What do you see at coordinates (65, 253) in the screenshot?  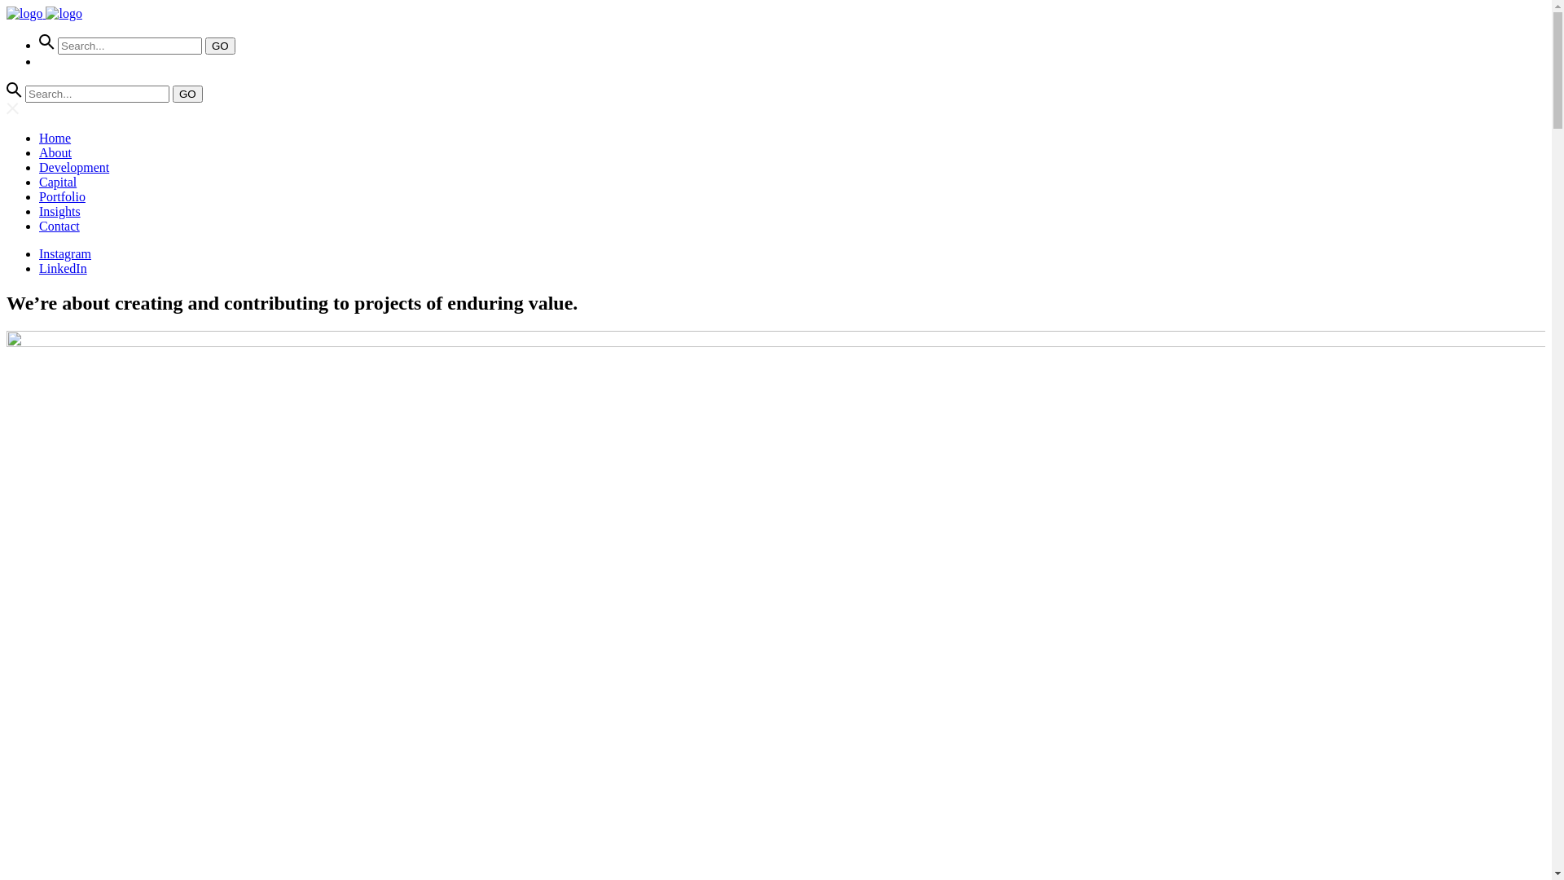 I see `'Instagram'` at bounding box center [65, 253].